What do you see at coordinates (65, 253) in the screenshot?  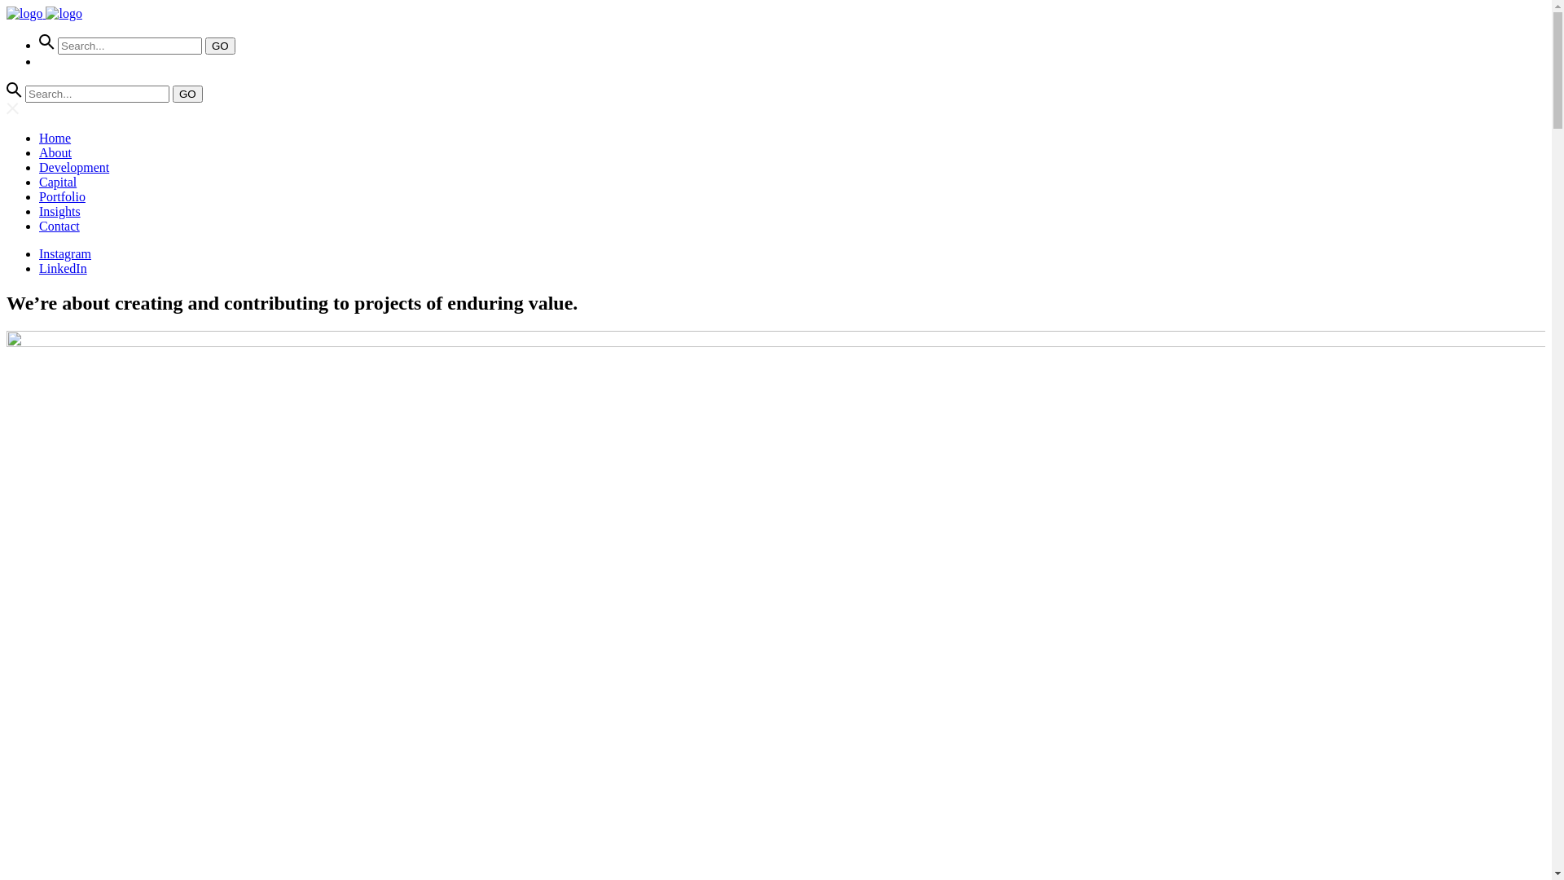 I see `'Instagram'` at bounding box center [65, 253].